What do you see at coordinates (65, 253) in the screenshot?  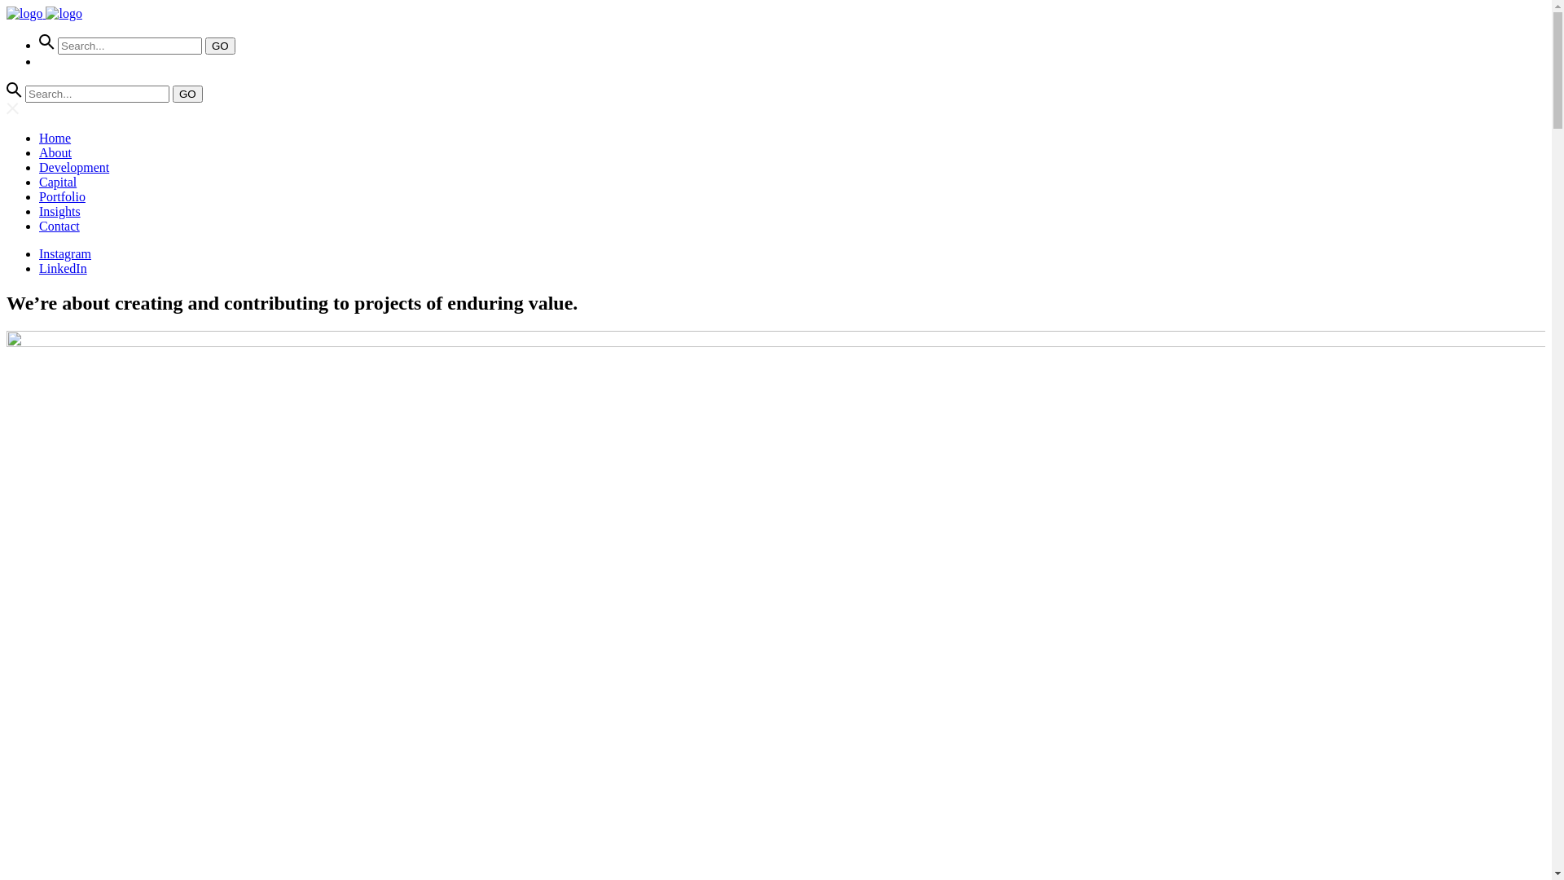 I see `'Instagram'` at bounding box center [65, 253].